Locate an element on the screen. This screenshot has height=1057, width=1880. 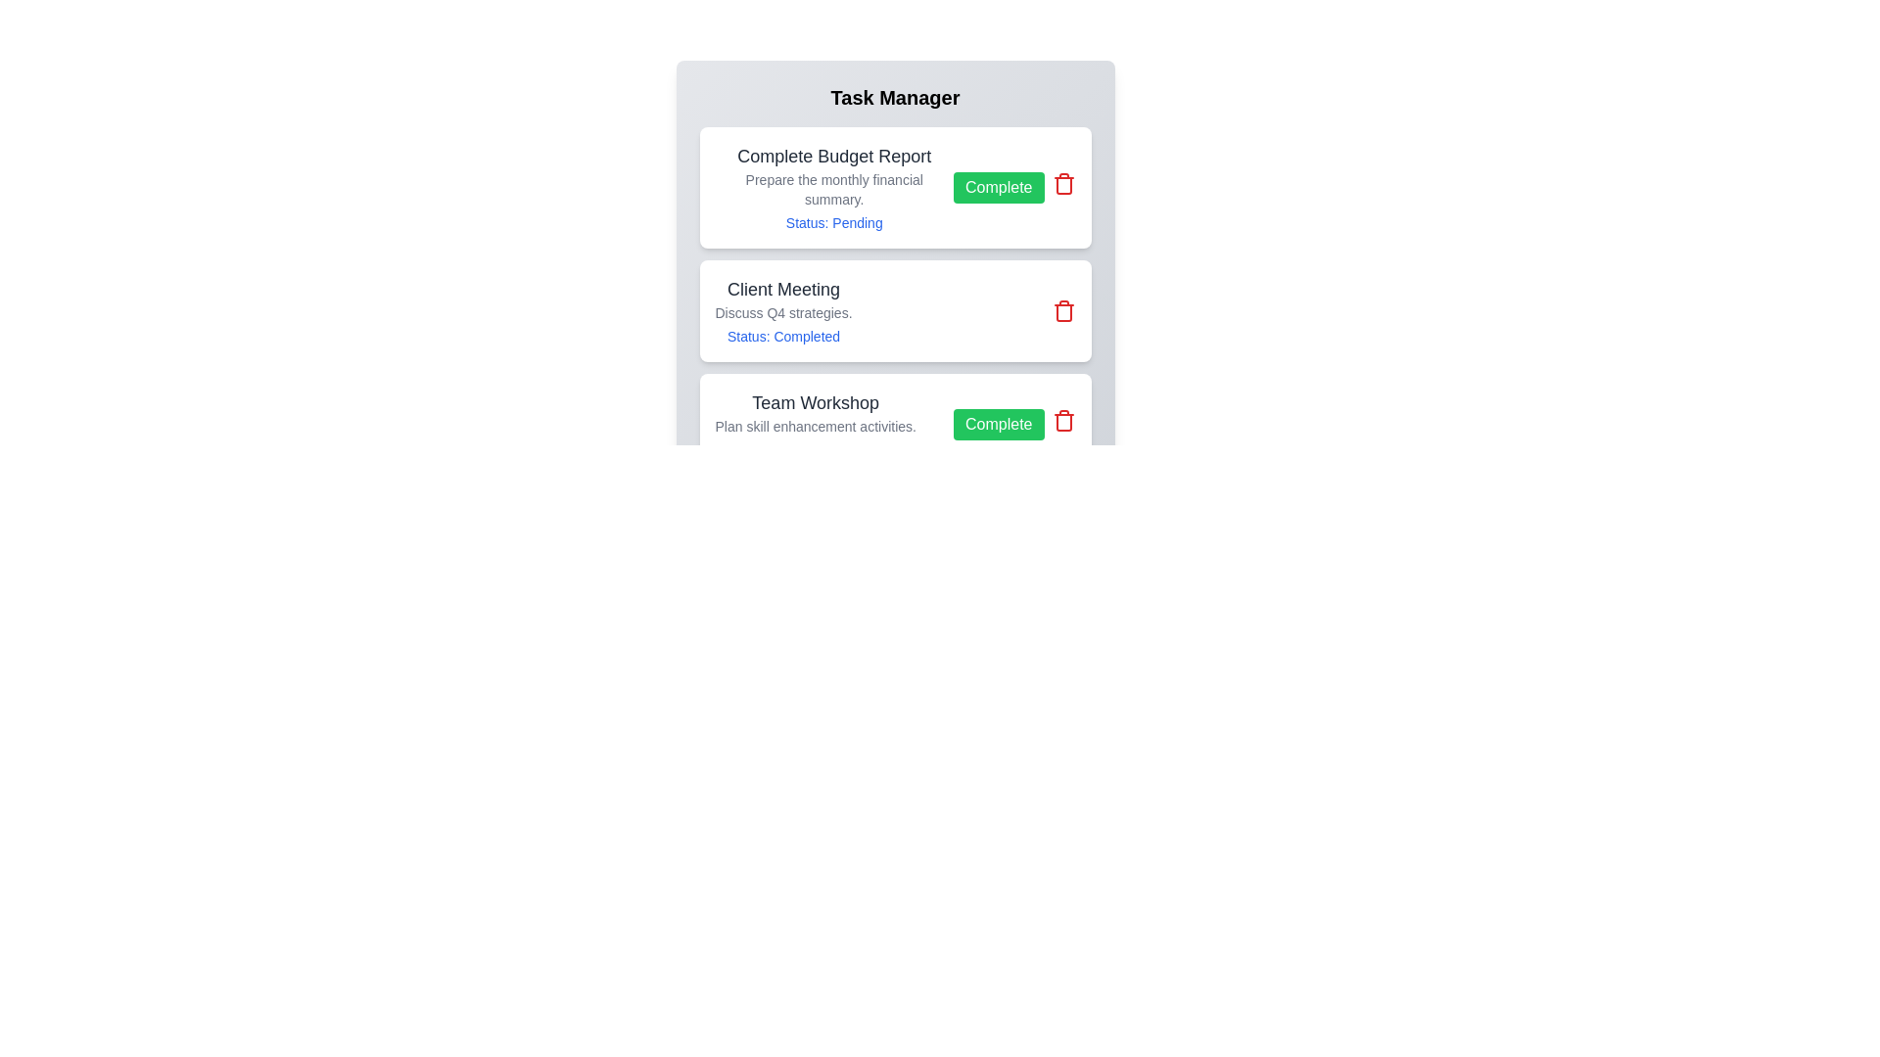
'Complete' button for the task titled 'Complete Budget Report' is located at coordinates (999, 188).